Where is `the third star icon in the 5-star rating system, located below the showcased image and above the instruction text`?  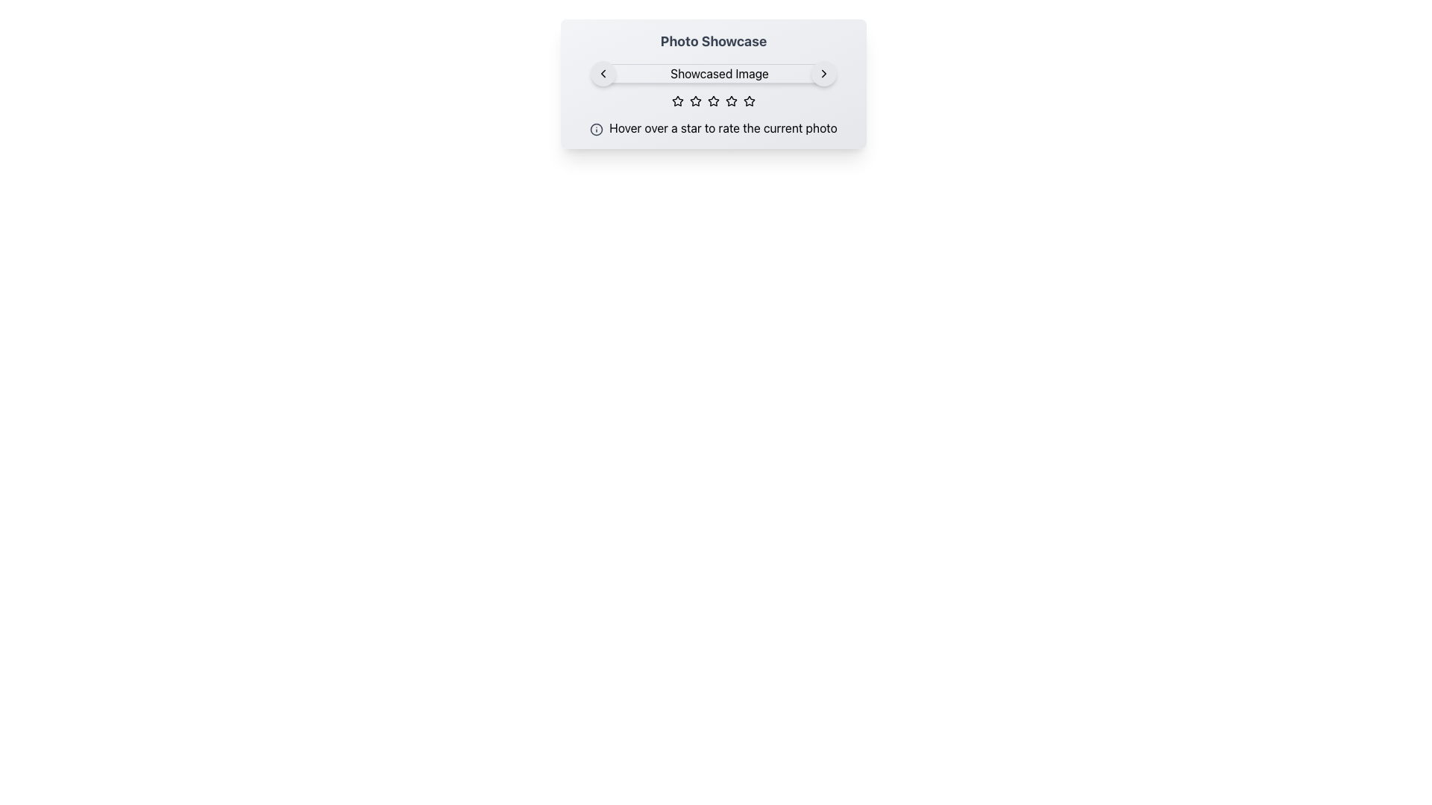
the third star icon in the 5-star rating system, located below the showcased image and above the instruction text is located at coordinates (712, 101).